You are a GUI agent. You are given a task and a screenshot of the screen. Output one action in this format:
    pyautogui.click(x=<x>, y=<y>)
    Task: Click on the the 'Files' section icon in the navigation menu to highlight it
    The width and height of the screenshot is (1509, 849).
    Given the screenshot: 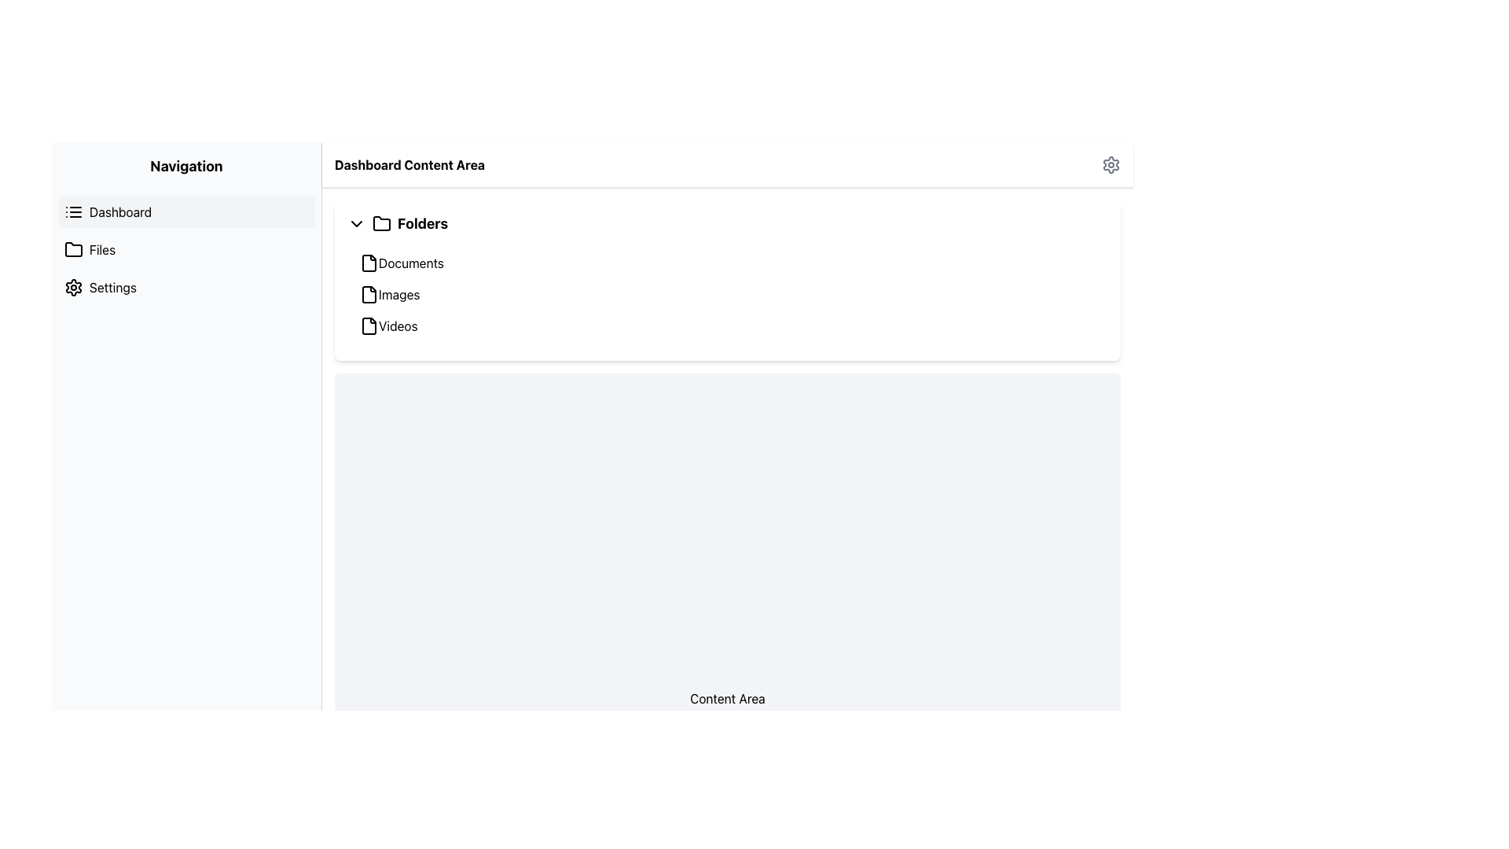 What is the action you would take?
    pyautogui.click(x=73, y=248)
    